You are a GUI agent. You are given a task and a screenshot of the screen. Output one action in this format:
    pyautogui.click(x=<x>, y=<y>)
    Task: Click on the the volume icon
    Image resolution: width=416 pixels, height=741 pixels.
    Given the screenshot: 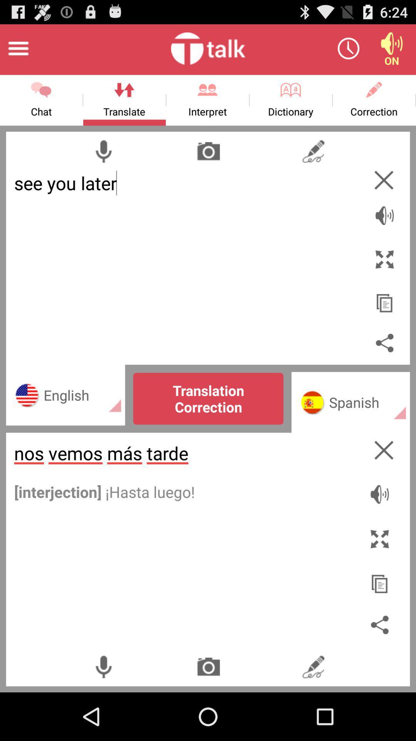 What is the action you would take?
    pyautogui.click(x=392, y=51)
    